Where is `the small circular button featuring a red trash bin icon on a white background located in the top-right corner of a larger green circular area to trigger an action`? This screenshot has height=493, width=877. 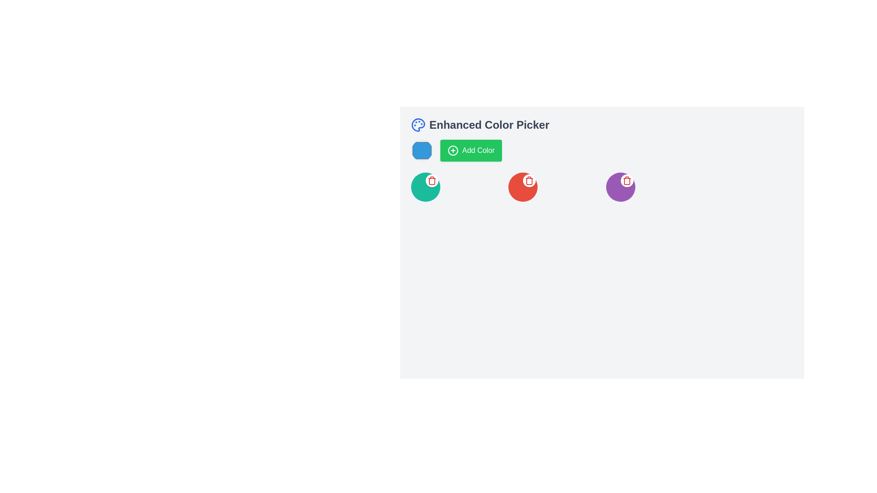 the small circular button featuring a red trash bin icon on a white background located in the top-right corner of a larger green circular area to trigger an action is located at coordinates (431, 181).